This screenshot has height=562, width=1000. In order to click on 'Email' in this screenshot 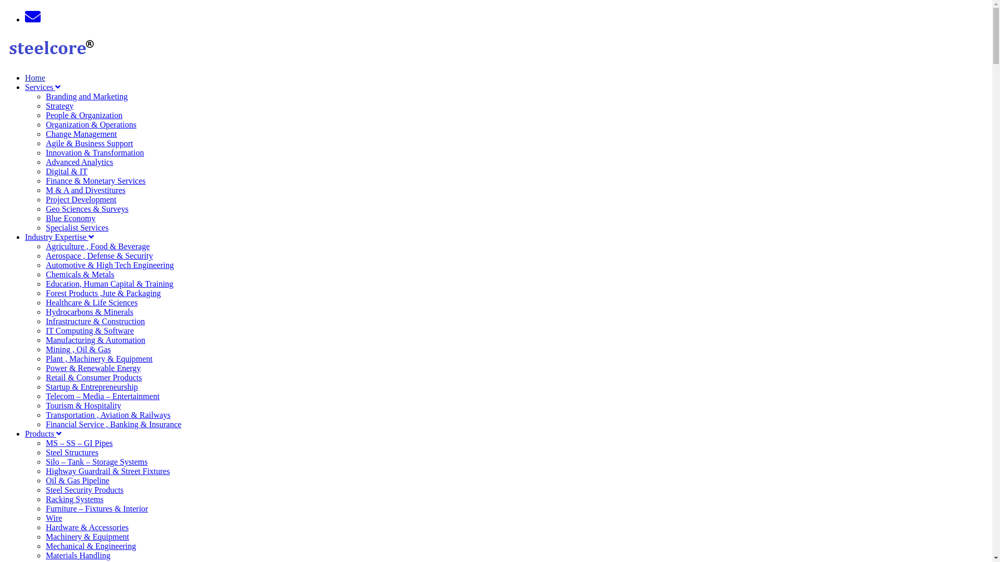, I will do `click(25, 17)`.